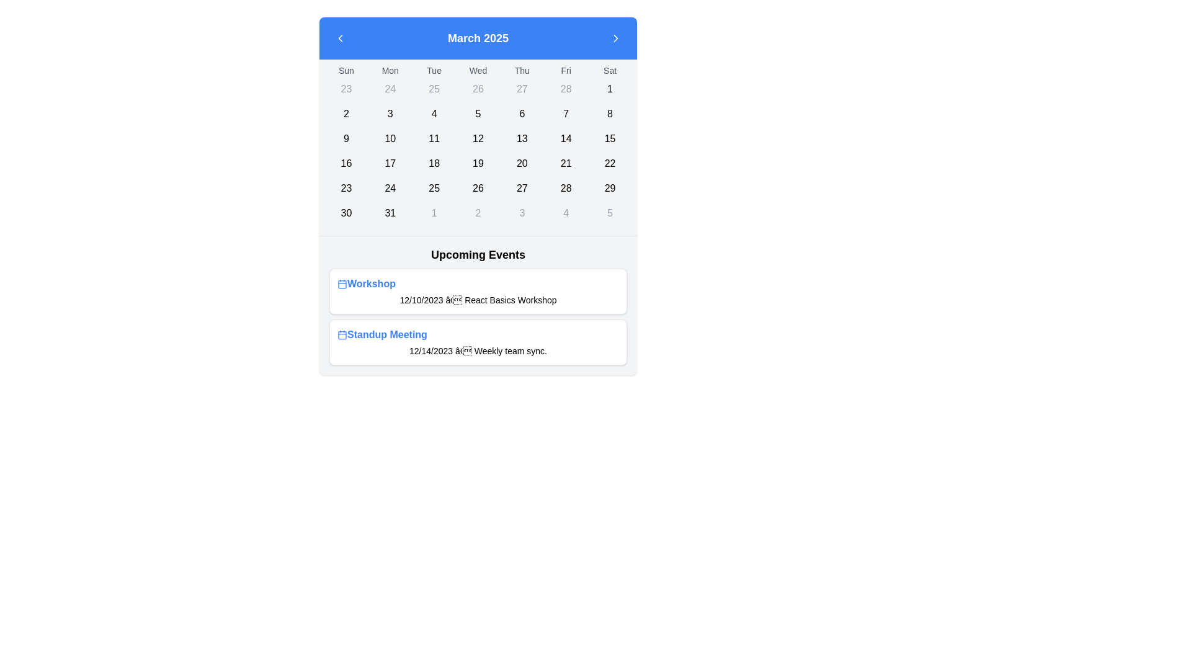 This screenshot has height=670, width=1191. What do you see at coordinates (390, 138) in the screenshot?
I see `the button representing a specific day in the calendar located under 'Mon', which is the 3rd item in the second row of the grid layout` at bounding box center [390, 138].